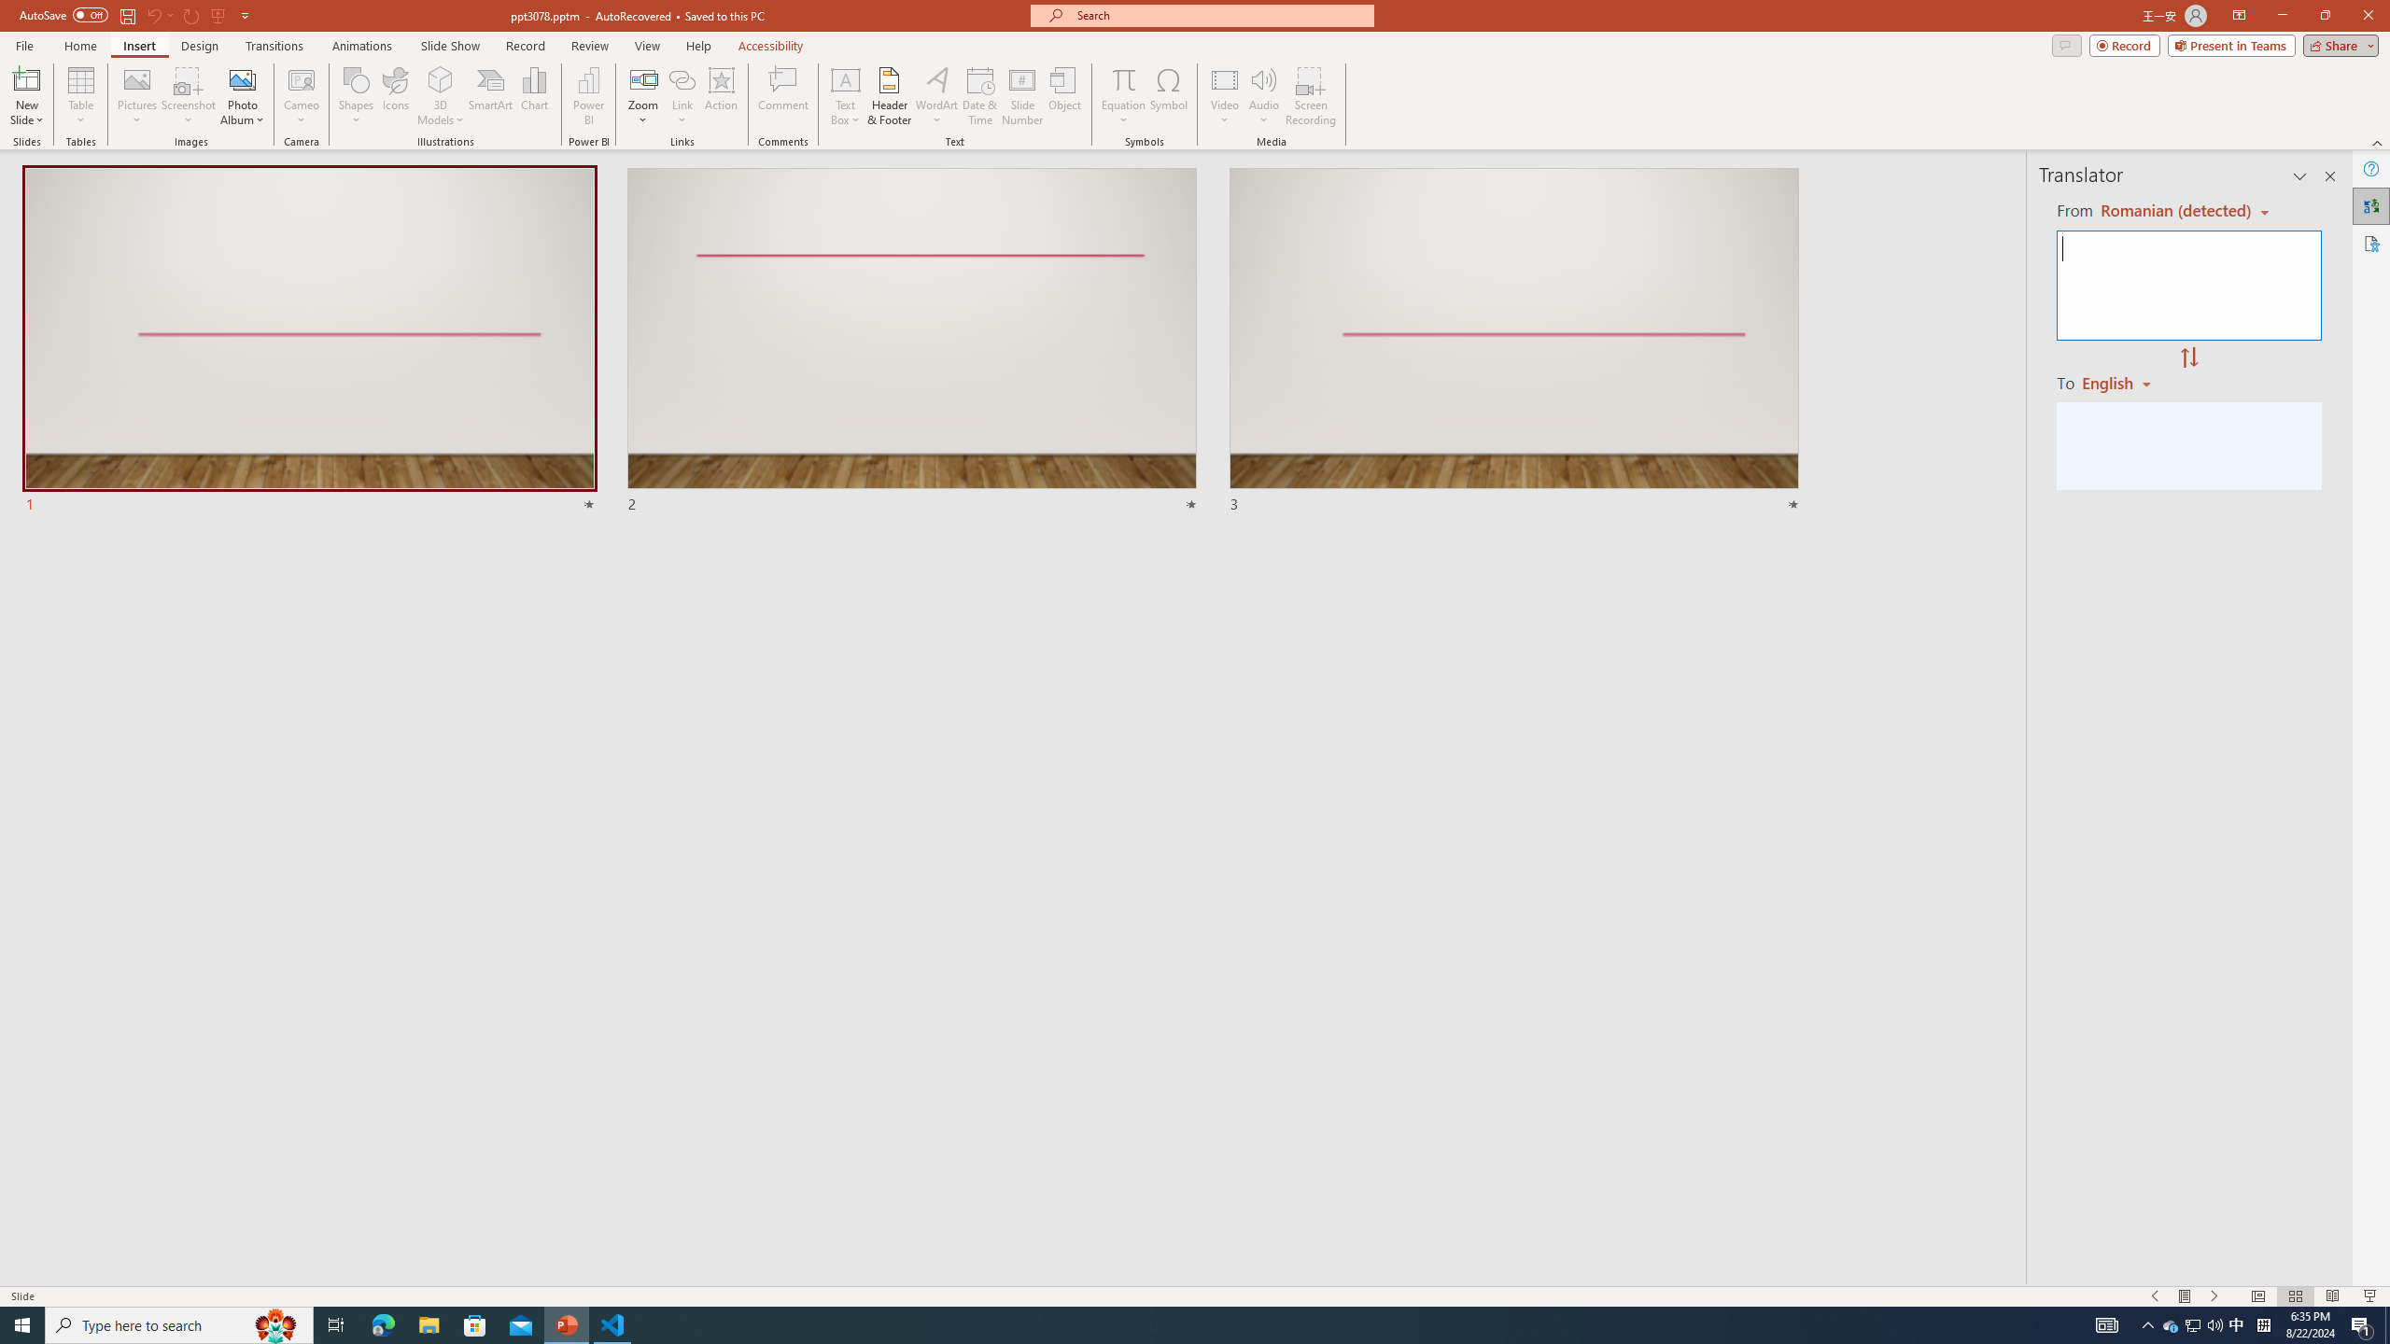 Image resolution: width=2390 pixels, height=1344 pixels. Describe the element at coordinates (1122, 96) in the screenshot. I see `'Equation'` at that location.